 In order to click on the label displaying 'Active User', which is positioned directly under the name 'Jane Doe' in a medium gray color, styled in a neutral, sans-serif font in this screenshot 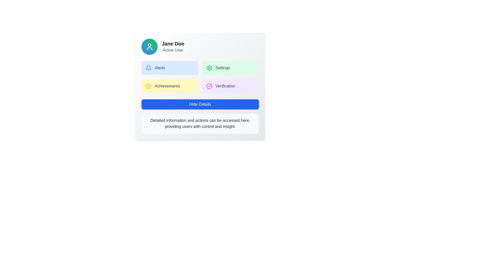, I will do `click(173, 50)`.